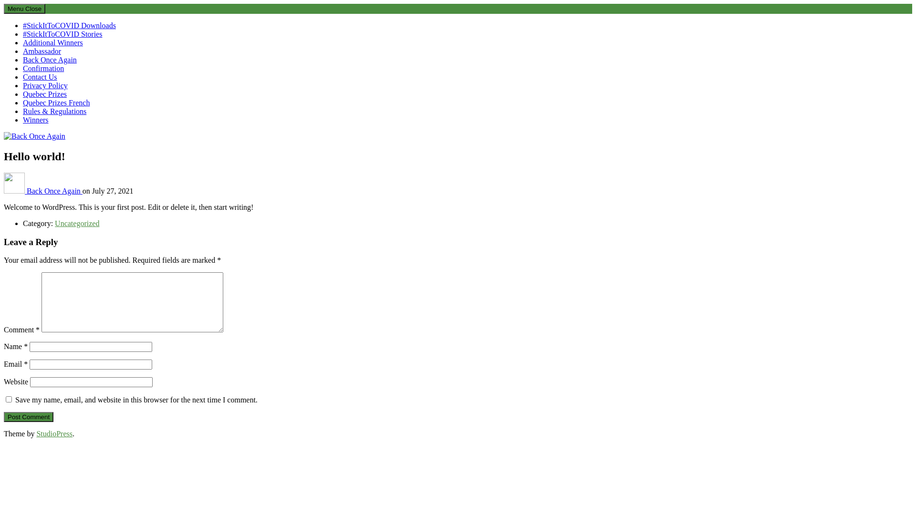 This screenshot has width=916, height=515. Describe the element at coordinates (31, 152) in the screenshot. I see `'Back Once Again'` at that location.